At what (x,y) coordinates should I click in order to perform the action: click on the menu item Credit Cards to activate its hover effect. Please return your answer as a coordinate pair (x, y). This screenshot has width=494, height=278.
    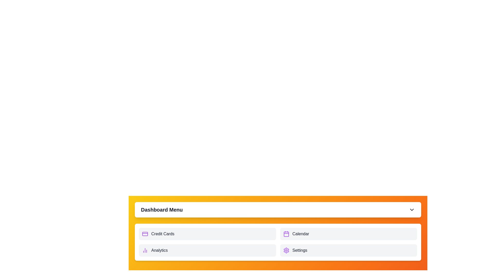
    Looking at the image, I should click on (207, 234).